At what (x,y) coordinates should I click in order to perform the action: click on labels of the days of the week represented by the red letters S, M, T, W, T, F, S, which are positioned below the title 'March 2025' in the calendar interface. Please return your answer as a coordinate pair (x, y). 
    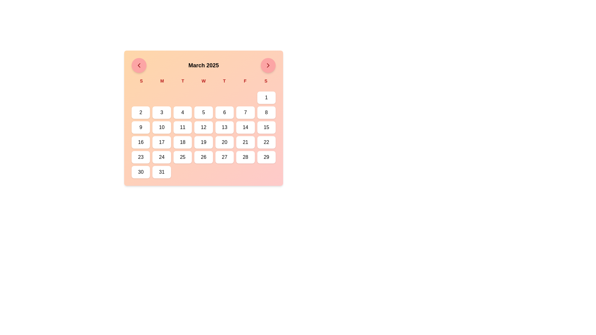
    Looking at the image, I should click on (204, 81).